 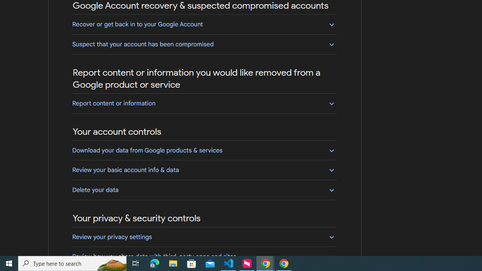 What do you see at coordinates (204, 103) in the screenshot?
I see `'Report content or information'` at bounding box center [204, 103].